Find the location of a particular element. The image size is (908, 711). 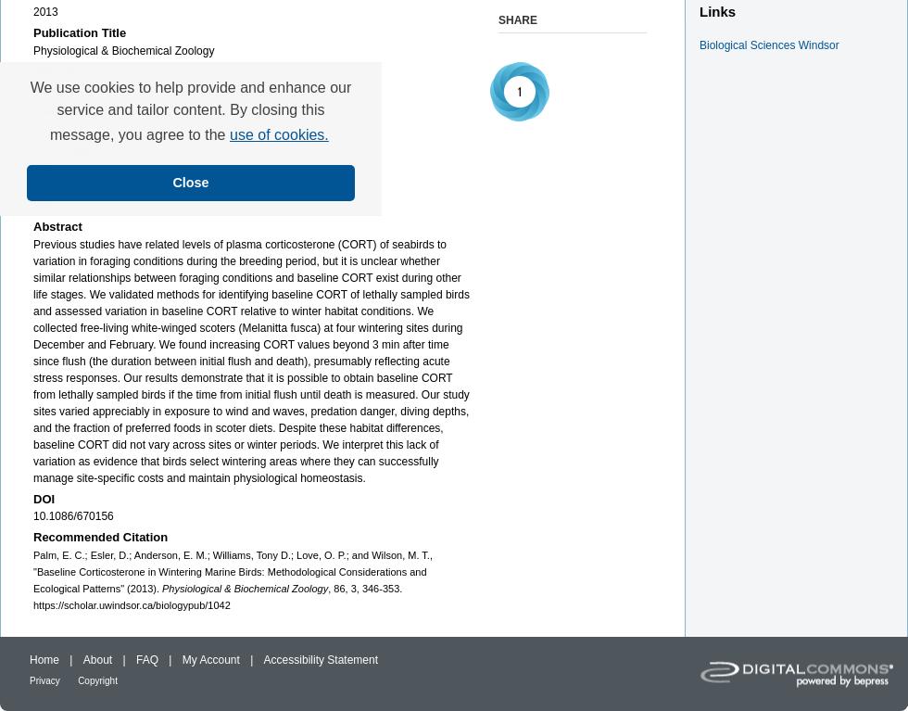

'353' is located at coordinates (42, 203).